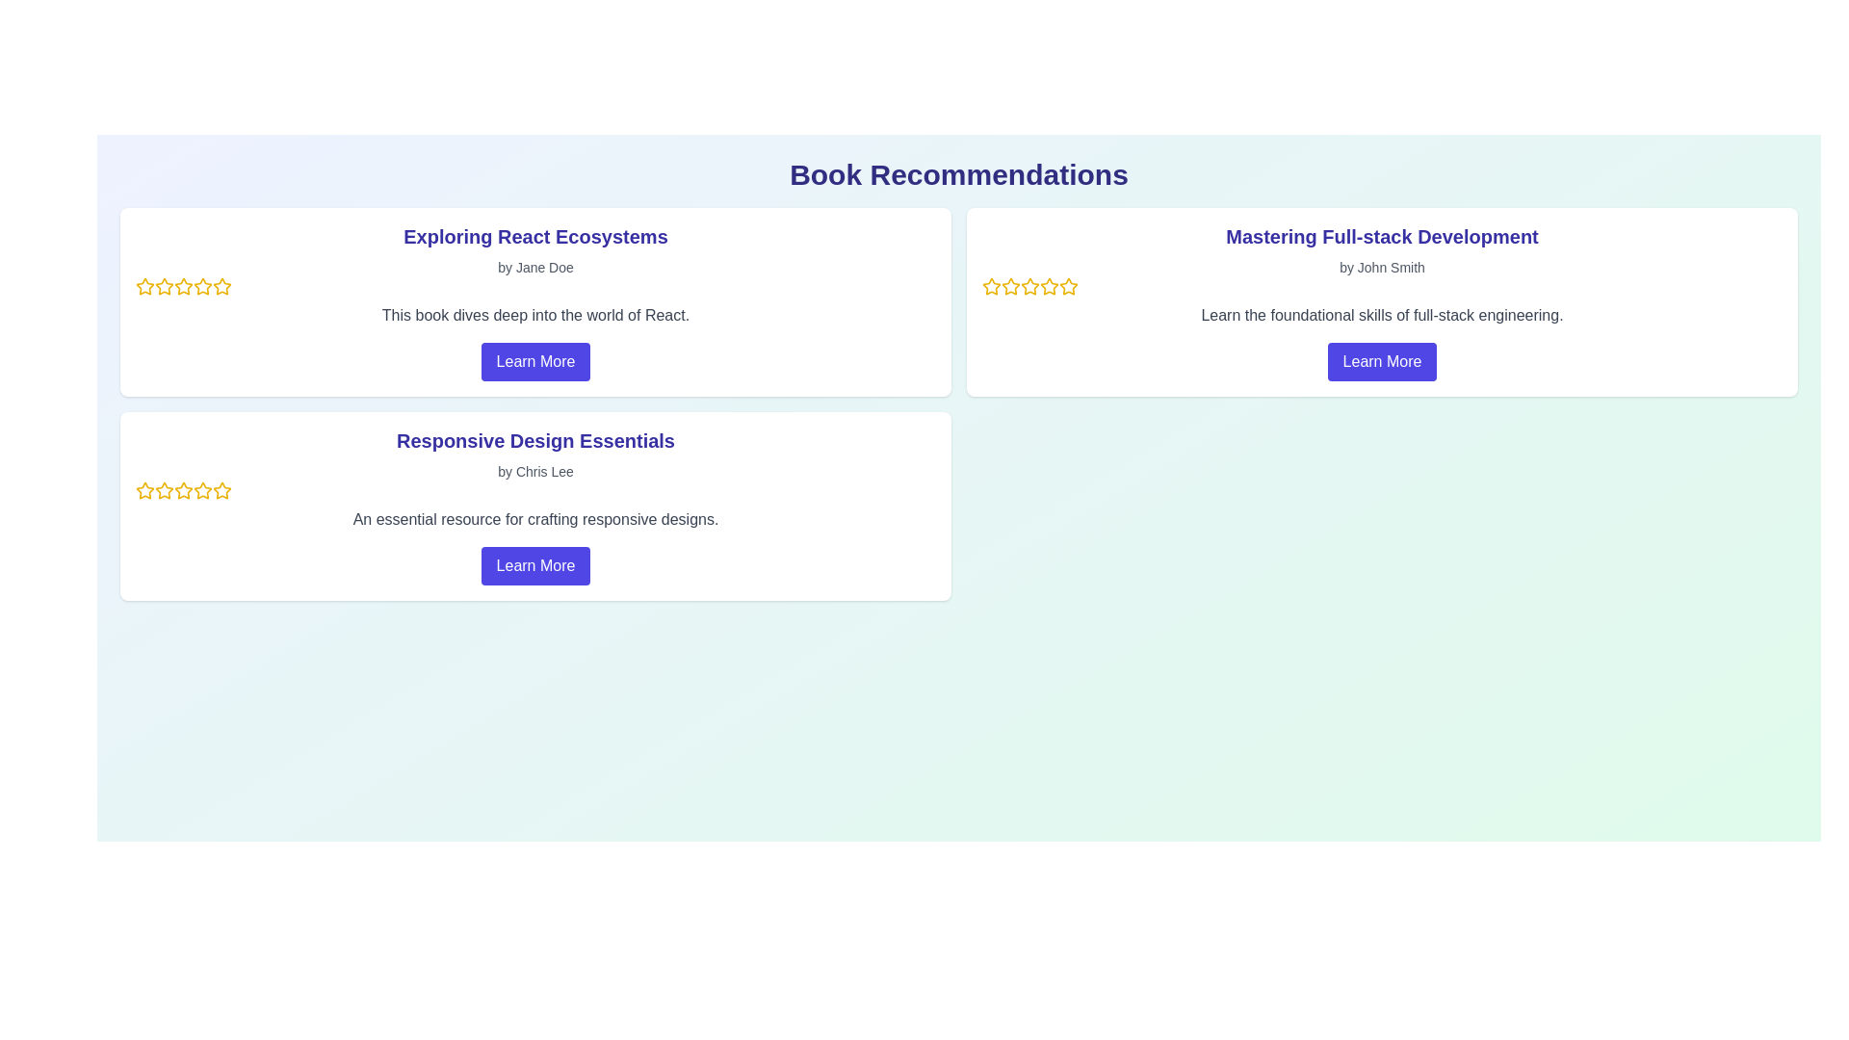 This screenshot has width=1849, height=1040. What do you see at coordinates (1010, 286) in the screenshot?
I see `the second five-pointed star icon with a yellow outline in the ratings section under 'Mastering Full-stack Development'` at bounding box center [1010, 286].